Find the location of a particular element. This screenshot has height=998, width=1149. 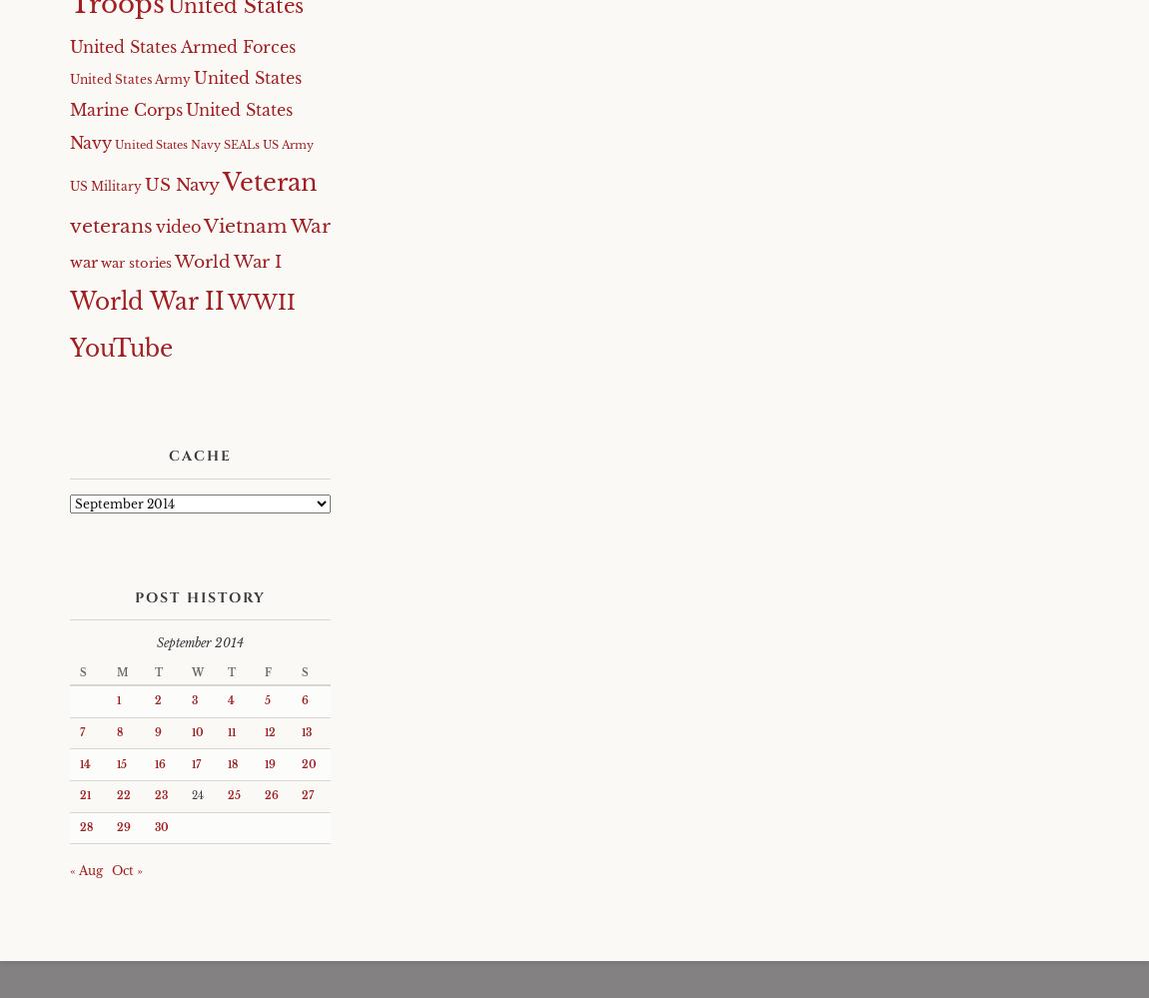

'W' is located at coordinates (197, 671).